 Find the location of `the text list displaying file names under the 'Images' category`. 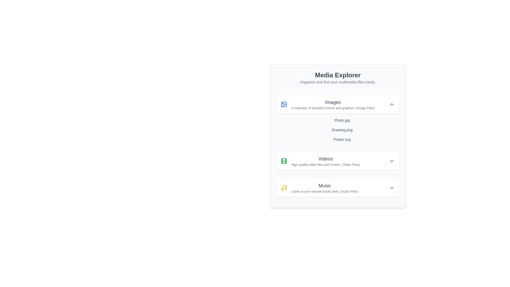

the text list displaying file names under the 'Images' category is located at coordinates (342, 130).